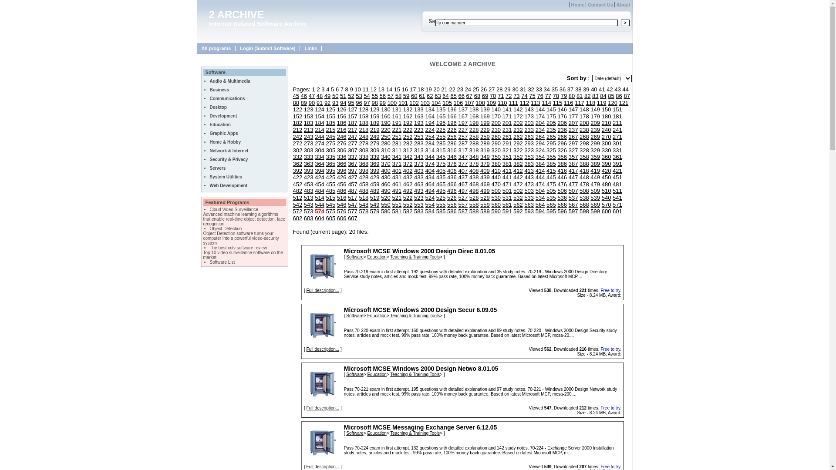 The height and width of the screenshot is (470, 836). What do you see at coordinates (381, 157) in the screenshot?
I see `'340'` at bounding box center [381, 157].